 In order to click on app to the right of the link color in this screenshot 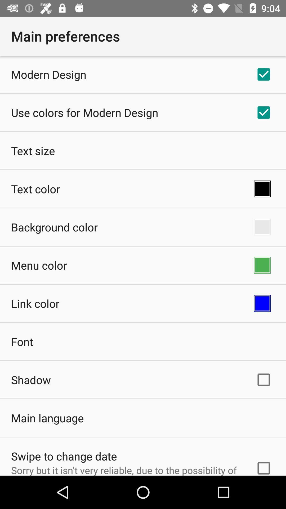, I will do `click(262, 303)`.